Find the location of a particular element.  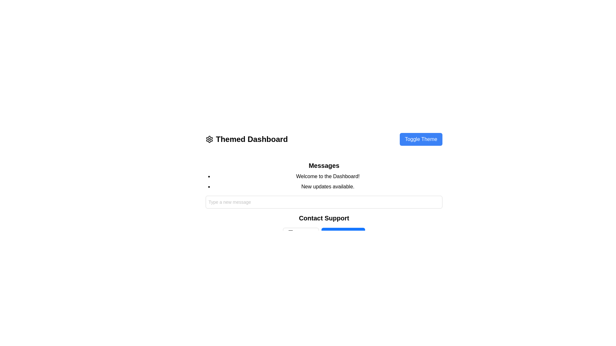

the settings icon located on the left side of the text 'Themed Dashboard' in the header section is located at coordinates (209, 139).